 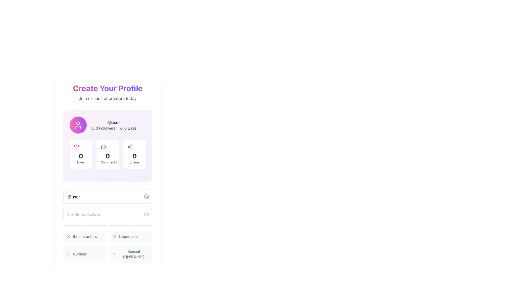 What do you see at coordinates (113, 128) in the screenshot?
I see `the Textual Information Display that shows the user's follower count and received likes, located below the '@user' text indicator in the profile metrics card` at bounding box center [113, 128].